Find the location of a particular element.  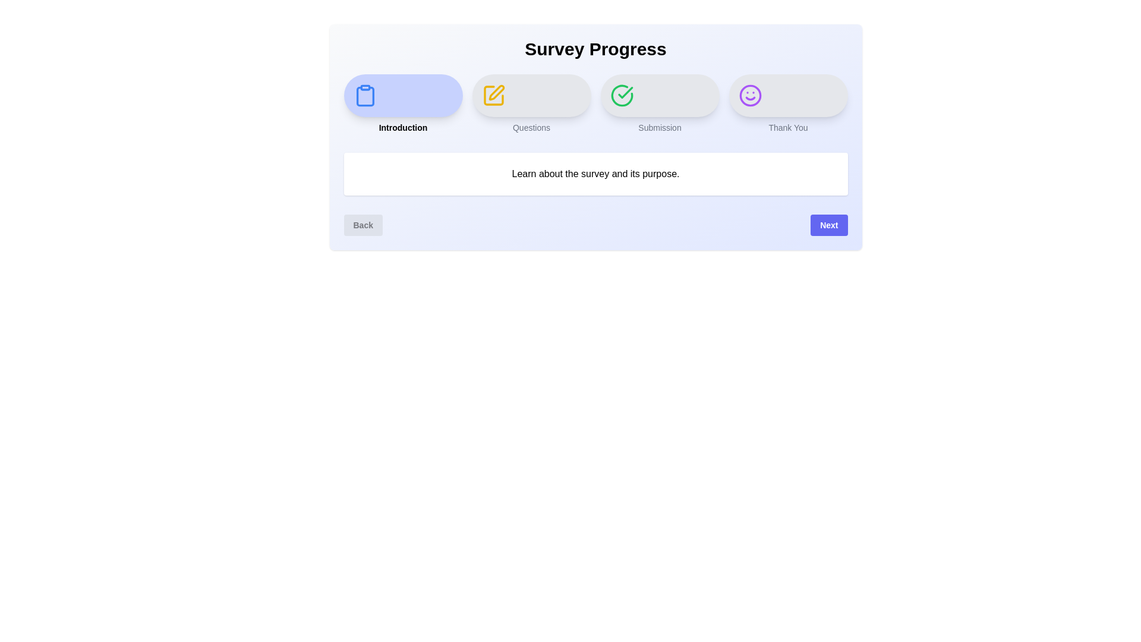

the 'Next' button to proceed to the next step of the survey is located at coordinates (828, 225).